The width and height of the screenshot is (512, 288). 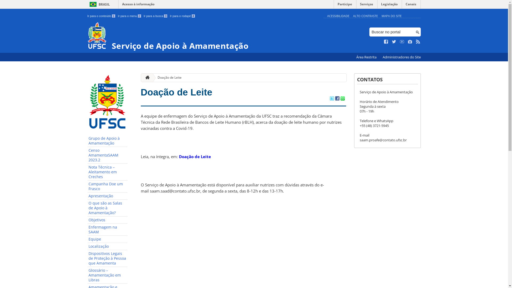 I want to click on 'Enfermagem na SAAM', so click(x=107, y=229).